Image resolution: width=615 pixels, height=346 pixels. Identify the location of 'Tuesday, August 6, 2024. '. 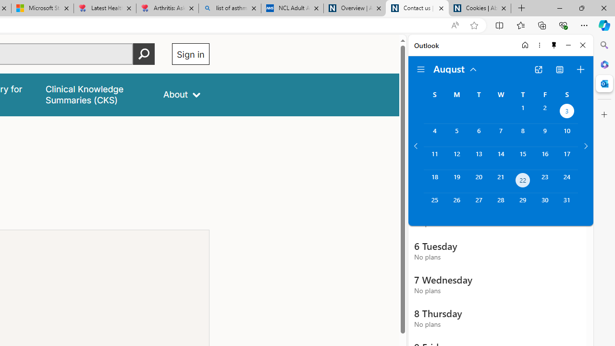
(479, 135).